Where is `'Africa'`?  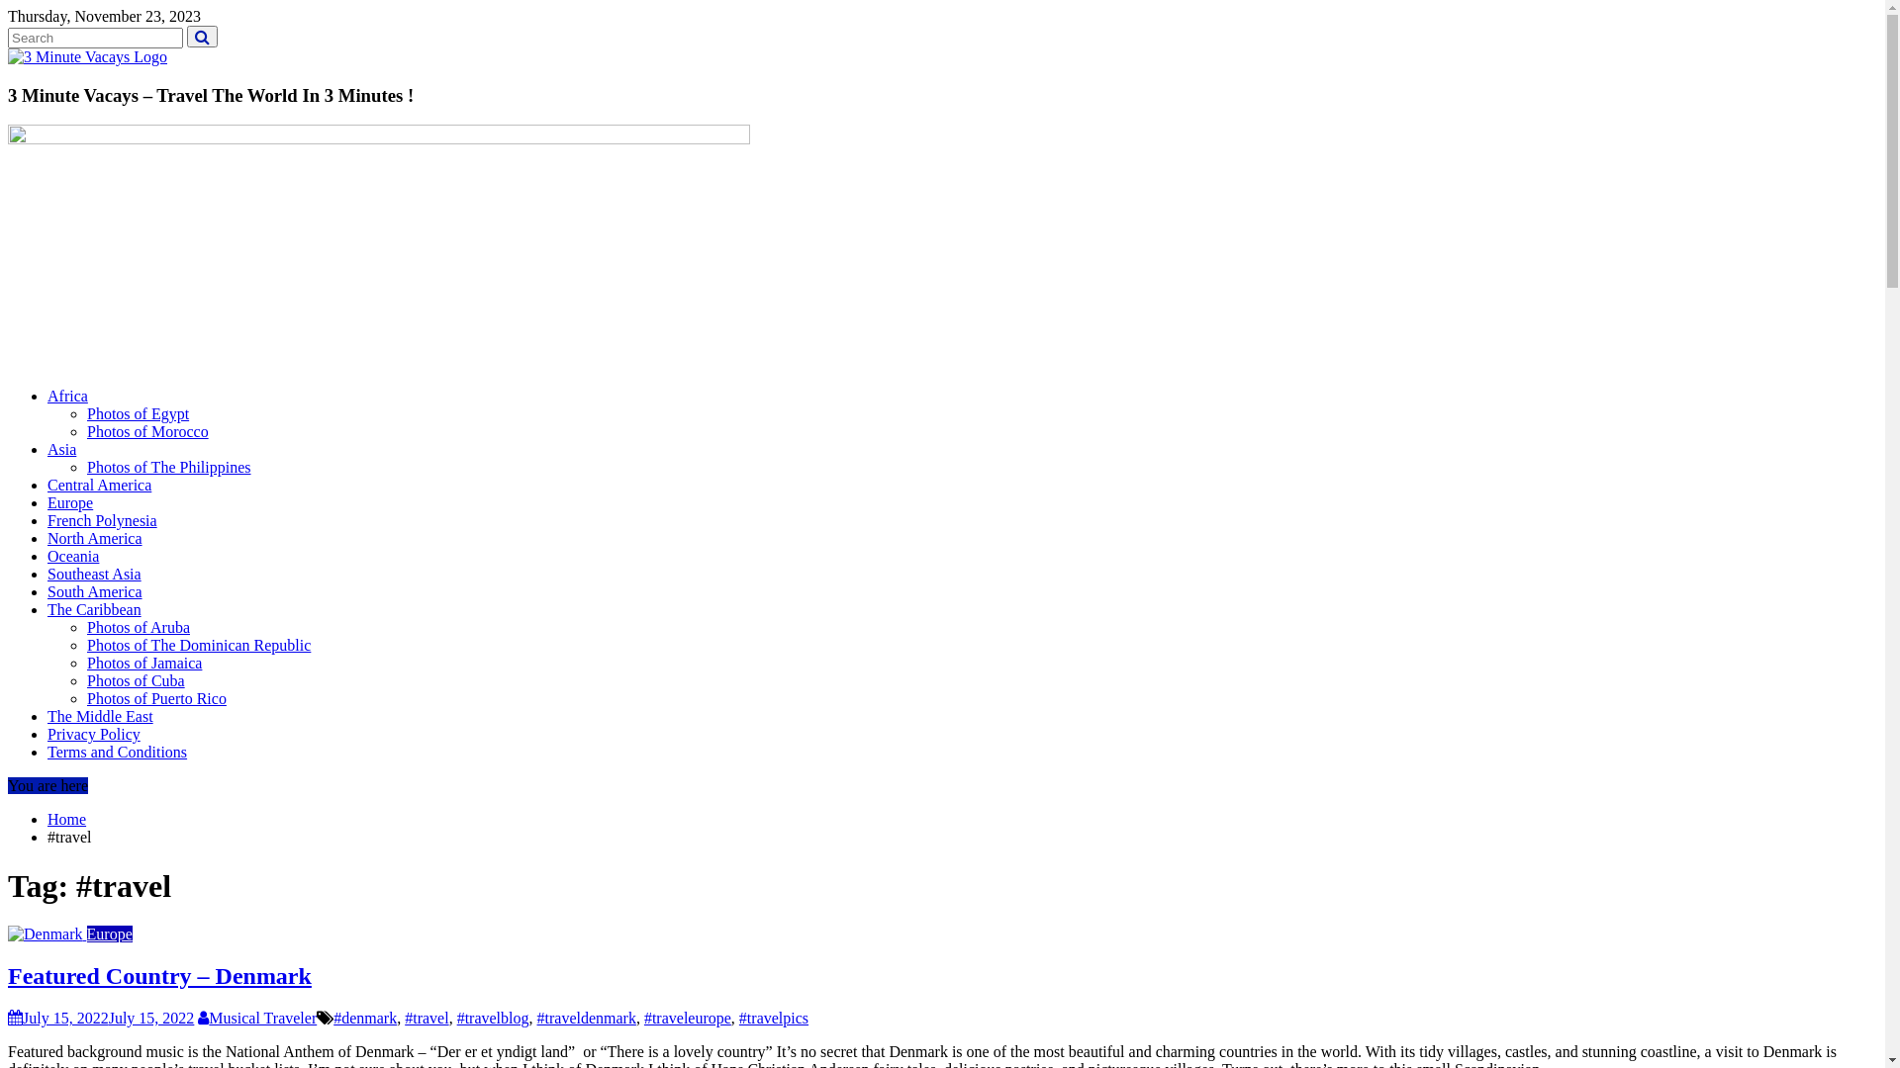 'Africa' is located at coordinates (67, 396).